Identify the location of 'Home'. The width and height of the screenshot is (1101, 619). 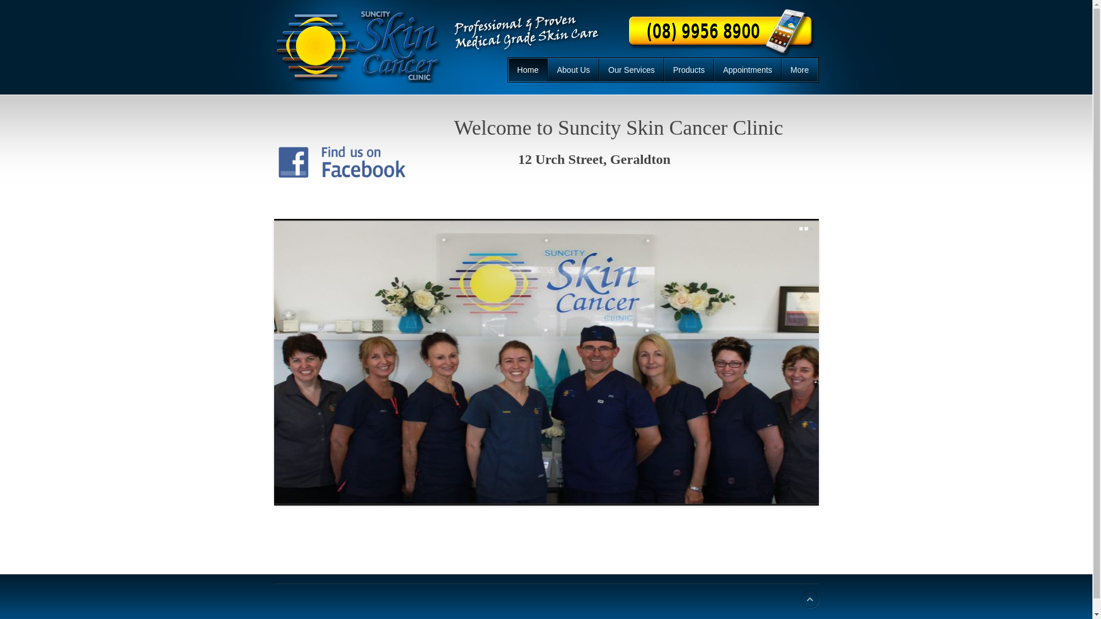
(528, 70).